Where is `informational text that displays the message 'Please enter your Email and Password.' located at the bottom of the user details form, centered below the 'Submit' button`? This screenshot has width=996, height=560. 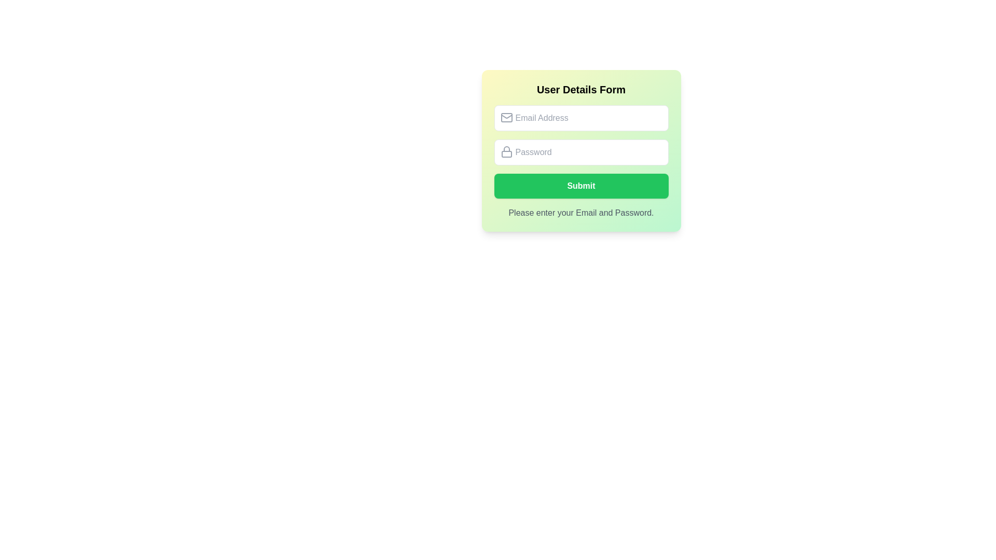
informational text that displays the message 'Please enter your Email and Password.' located at the bottom of the user details form, centered below the 'Submit' button is located at coordinates (581, 213).